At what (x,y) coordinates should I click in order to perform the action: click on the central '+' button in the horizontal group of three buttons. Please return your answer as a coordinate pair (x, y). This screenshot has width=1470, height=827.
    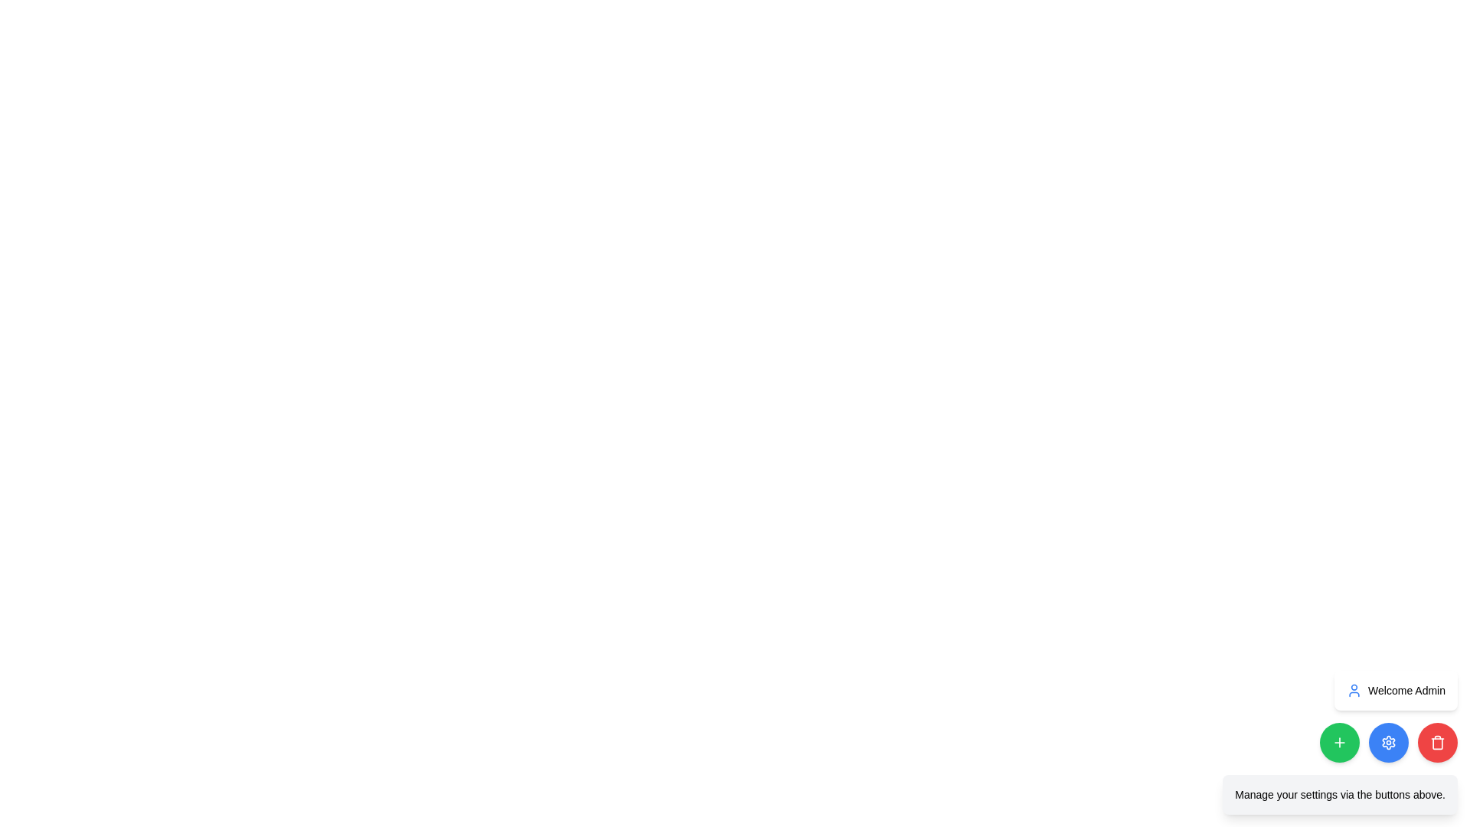
    Looking at the image, I should click on (1339, 741).